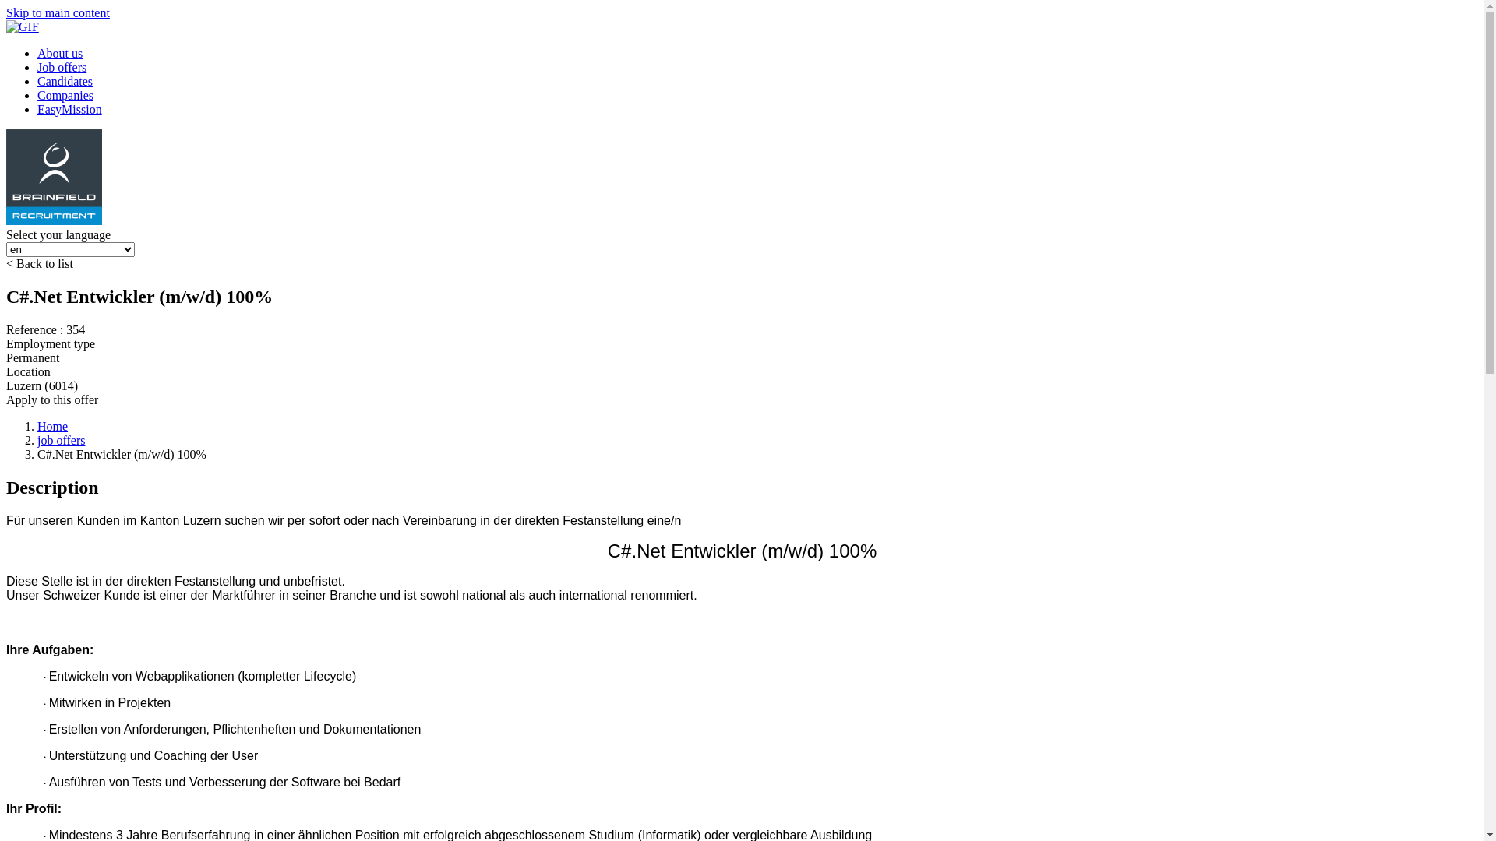 This screenshot has height=841, width=1496. What do you see at coordinates (64, 81) in the screenshot?
I see `'Candidates'` at bounding box center [64, 81].